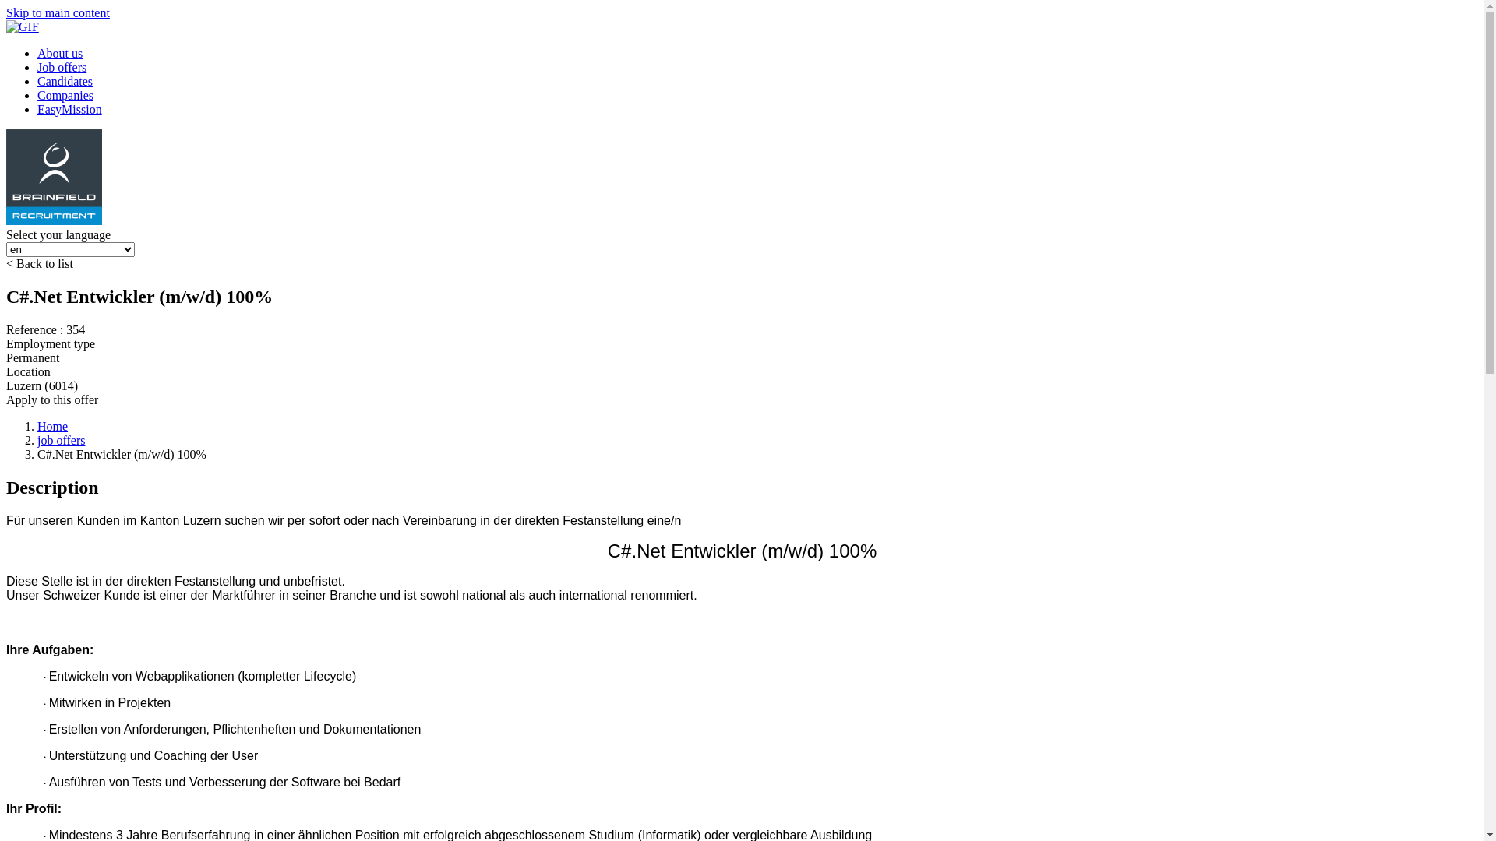 This screenshot has height=841, width=1496. What do you see at coordinates (64, 81) in the screenshot?
I see `'Candidates'` at bounding box center [64, 81].